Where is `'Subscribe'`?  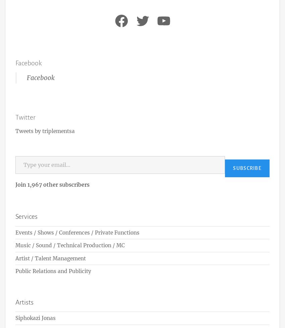 'Subscribe' is located at coordinates (247, 167).